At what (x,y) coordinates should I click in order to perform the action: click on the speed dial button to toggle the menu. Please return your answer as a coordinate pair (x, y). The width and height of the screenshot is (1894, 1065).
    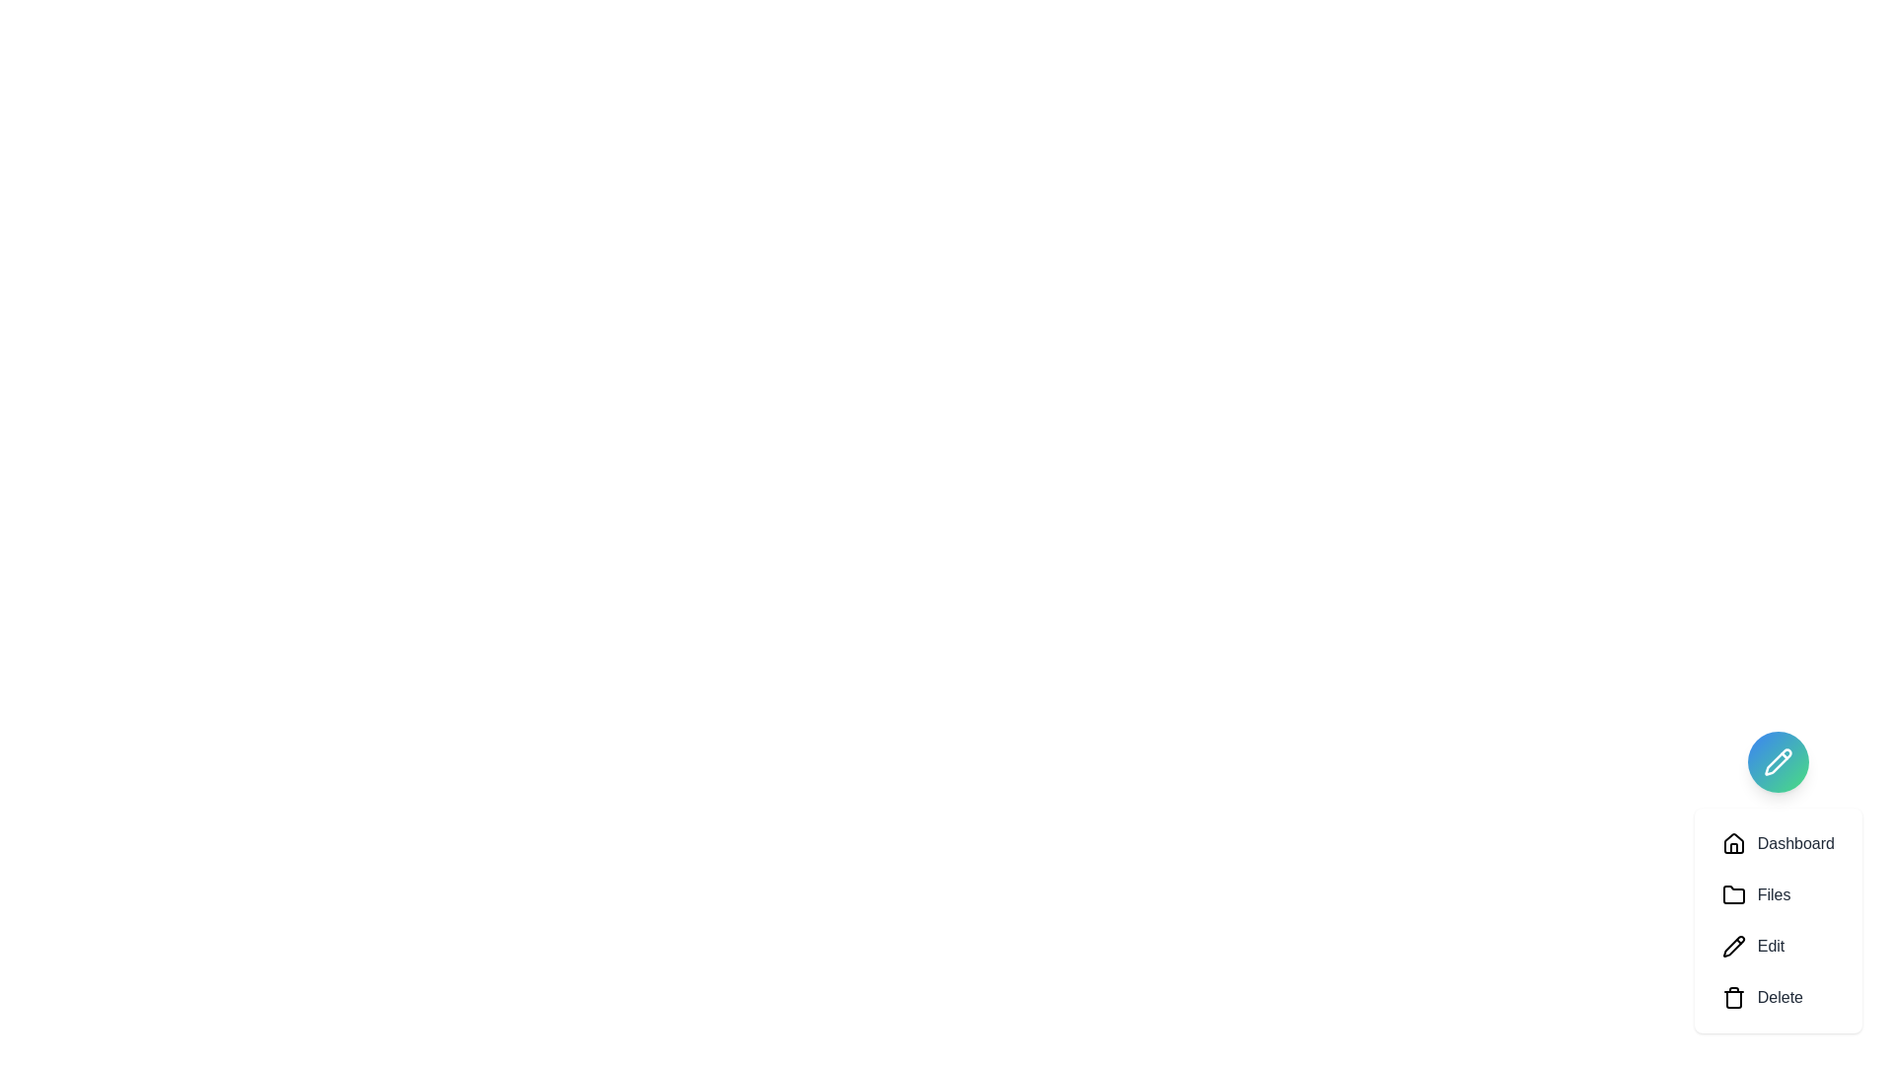
    Looking at the image, I should click on (1777, 760).